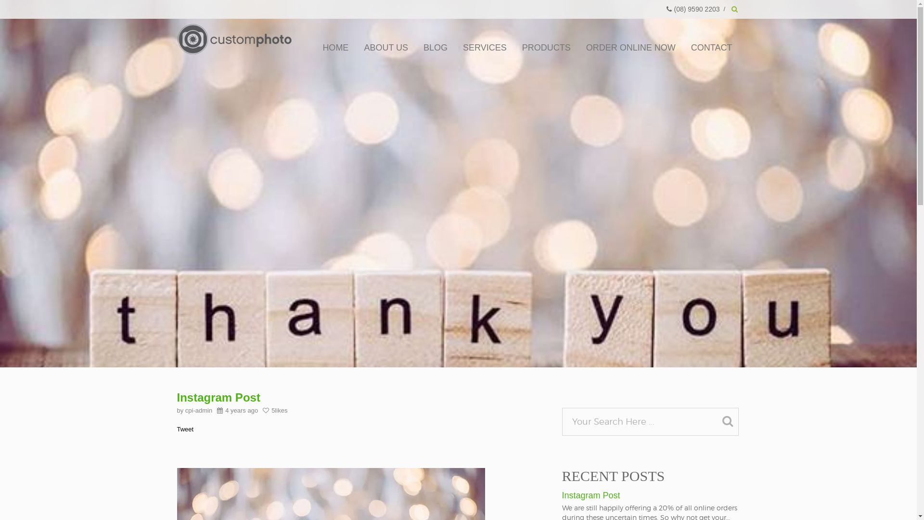 This screenshot has height=520, width=924. Describe the element at coordinates (711, 48) in the screenshot. I see `'CONTACT'` at that location.